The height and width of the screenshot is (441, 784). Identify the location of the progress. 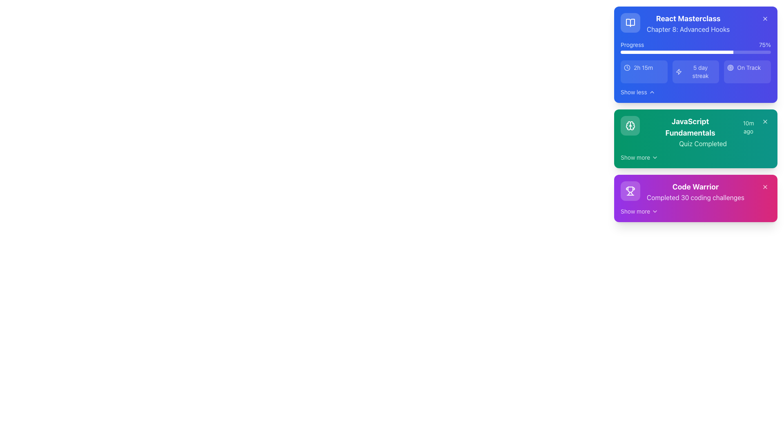
(707, 52).